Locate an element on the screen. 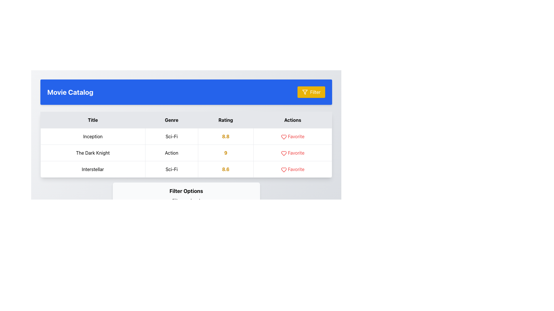 This screenshot has width=554, height=311. the Text Label identifying the movie title in the third row under the 'Title' column, located below 'The Dark Knight' is located at coordinates (93, 169).